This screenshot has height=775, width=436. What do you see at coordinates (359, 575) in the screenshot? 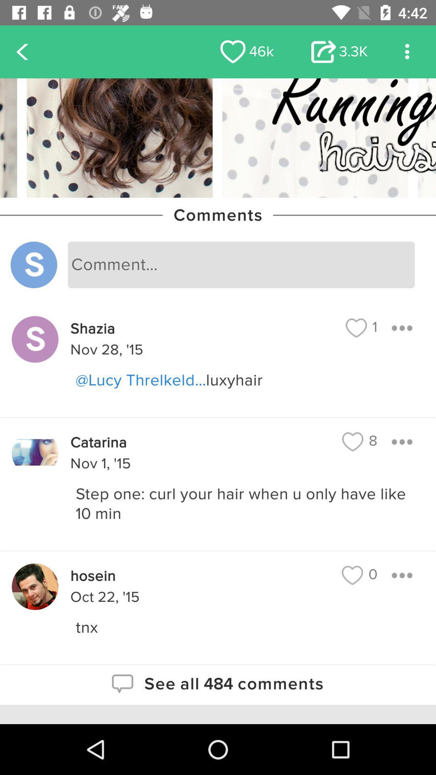
I see `the 0 item` at bounding box center [359, 575].